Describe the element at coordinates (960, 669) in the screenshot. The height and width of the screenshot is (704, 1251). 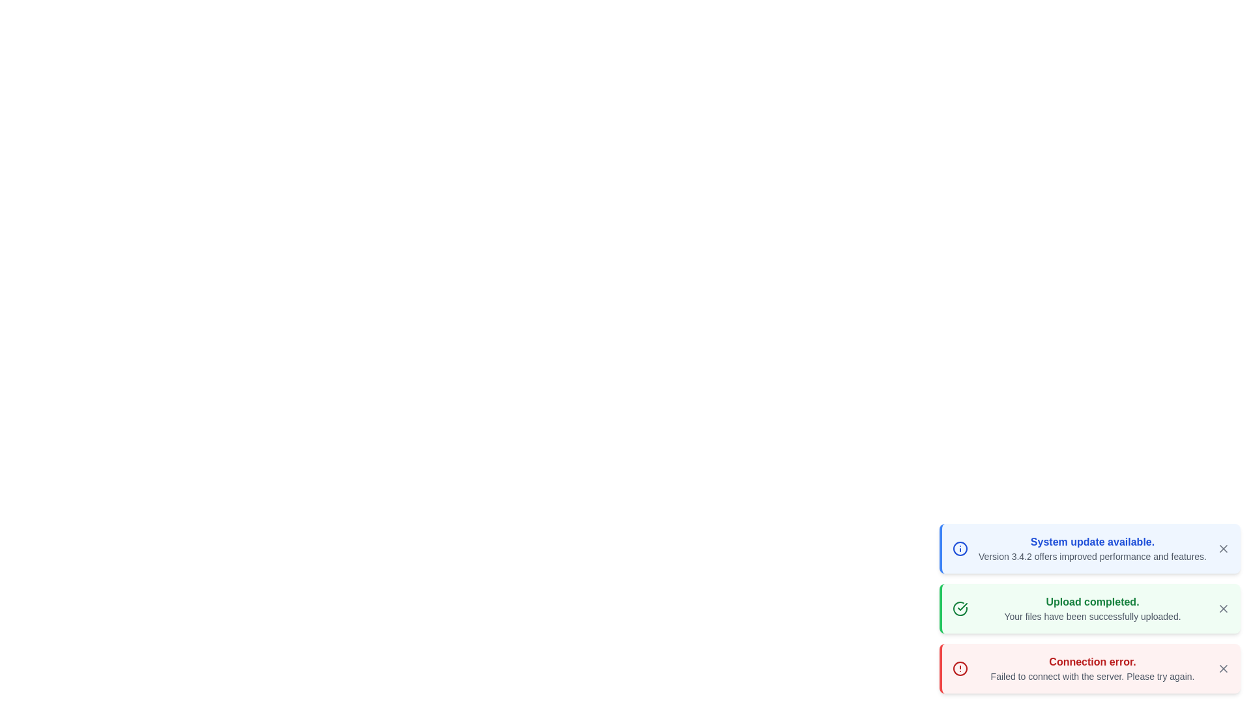
I see `the icon representing the message type error` at that location.